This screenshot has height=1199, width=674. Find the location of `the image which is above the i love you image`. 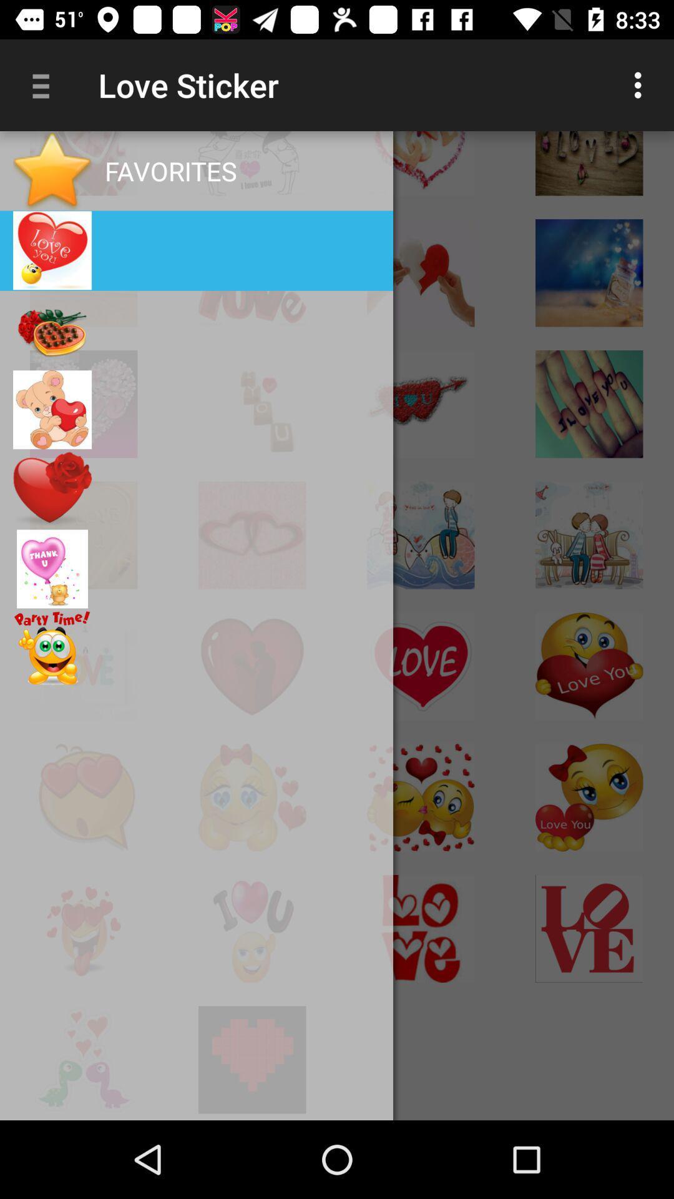

the image which is above the i love you image is located at coordinates (589, 272).